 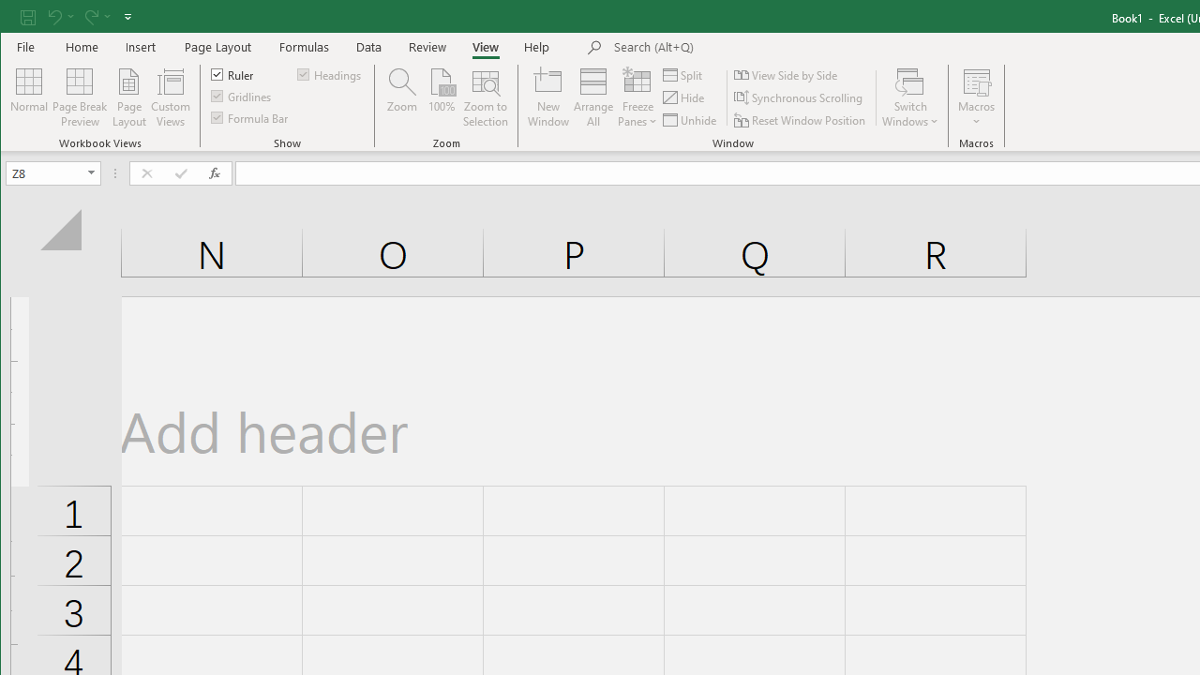 I want to click on 'New Window', so click(x=547, y=97).